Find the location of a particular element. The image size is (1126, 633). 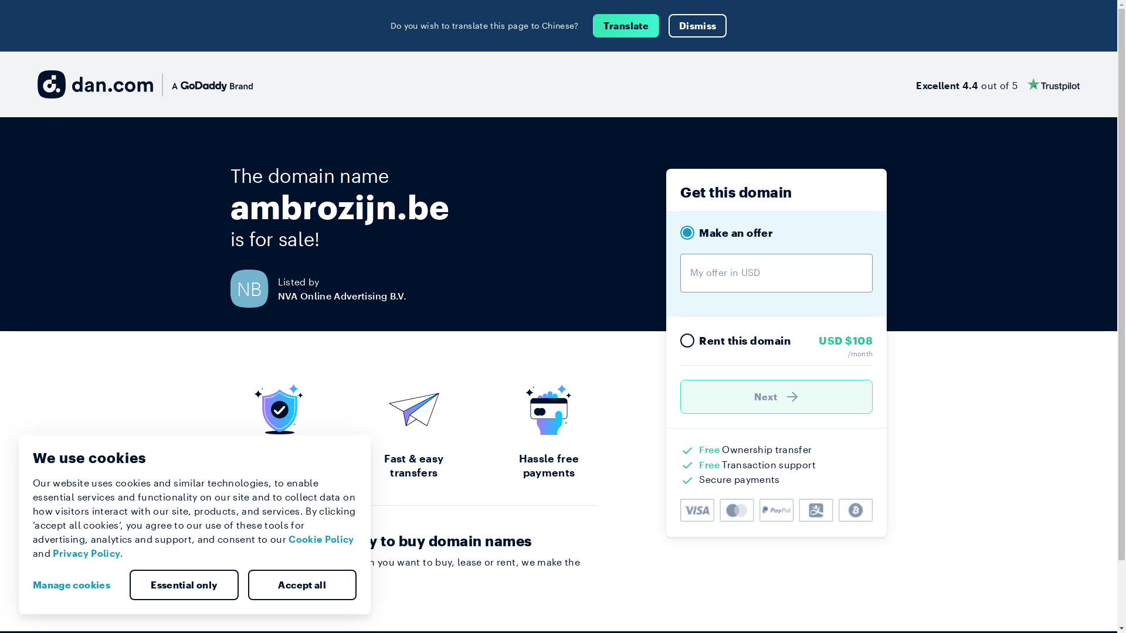

'Dismiss' is located at coordinates (669, 25).